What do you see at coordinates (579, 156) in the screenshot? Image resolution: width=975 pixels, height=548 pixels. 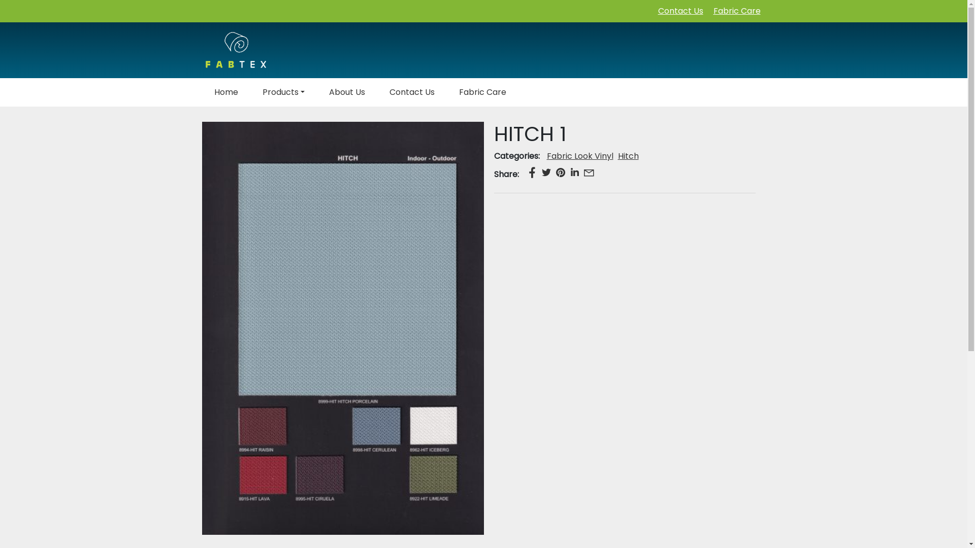 I see `'Fabric Look Vinyl'` at bounding box center [579, 156].